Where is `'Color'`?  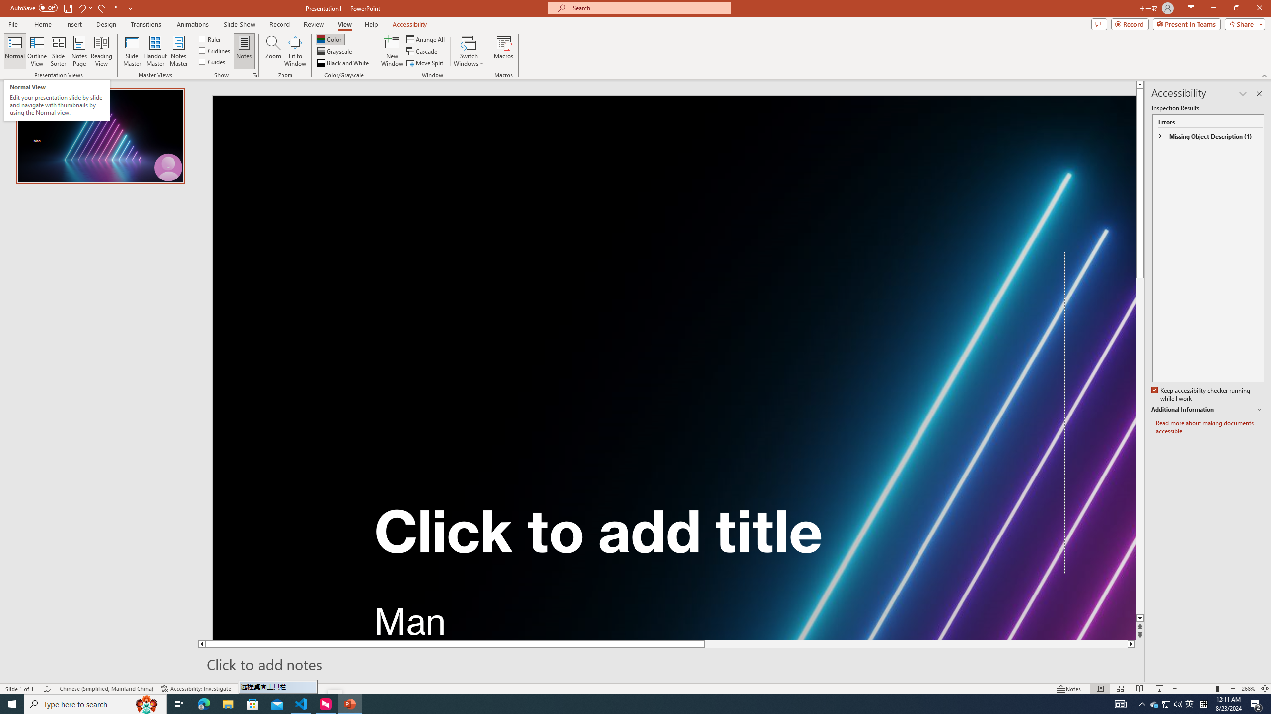 'Color' is located at coordinates (330, 39).